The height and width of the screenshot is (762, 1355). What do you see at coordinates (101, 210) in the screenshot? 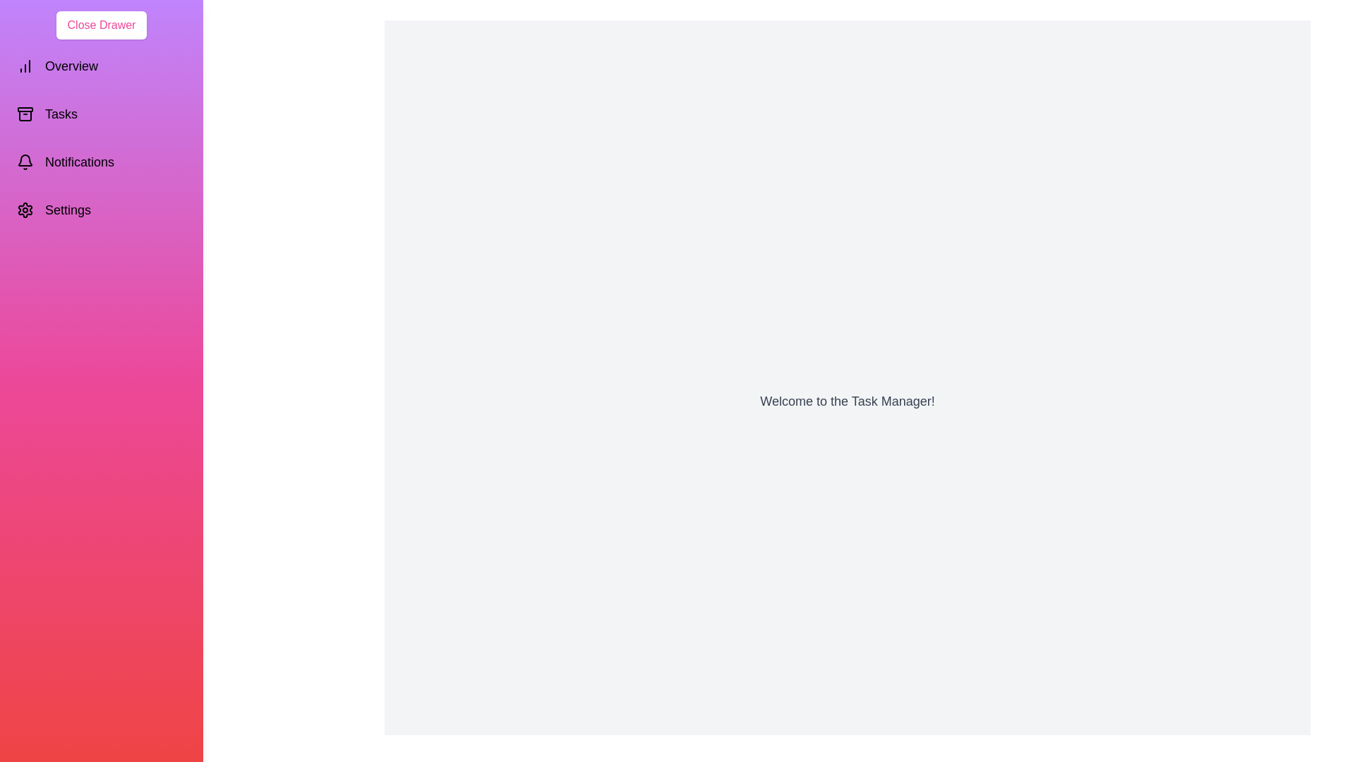
I see `the 'Settings' section in the drawer` at bounding box center [101, 210].